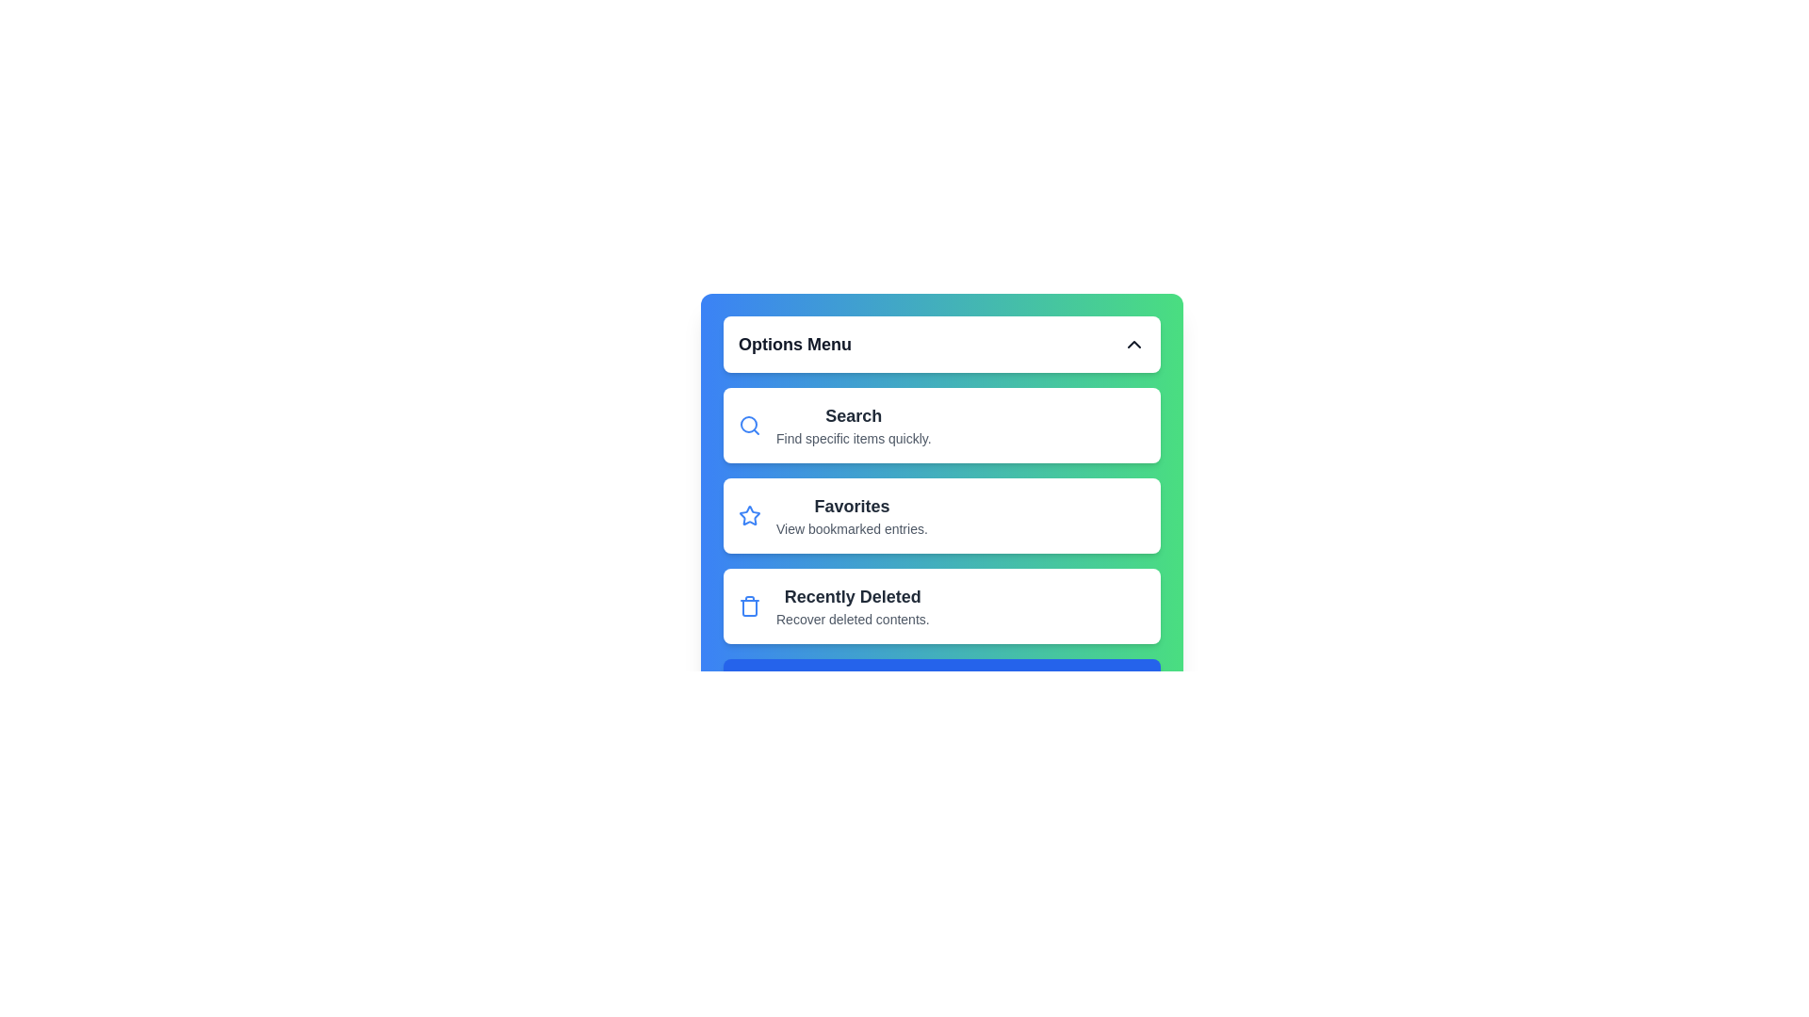 This screenshot has height=1017, width=1809. Describe the element at coordinates (748, 425) in the screenshot. I see `the decorative SVG circle element at the center of the magnifying glass icon, which is part of the 'Search' option in the menu` at that location.